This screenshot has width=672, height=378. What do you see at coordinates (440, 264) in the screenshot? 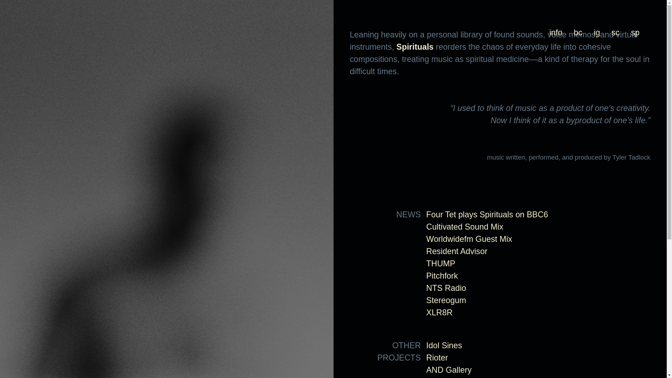
I see `'THUMP'` at bounding box center [440, 264].